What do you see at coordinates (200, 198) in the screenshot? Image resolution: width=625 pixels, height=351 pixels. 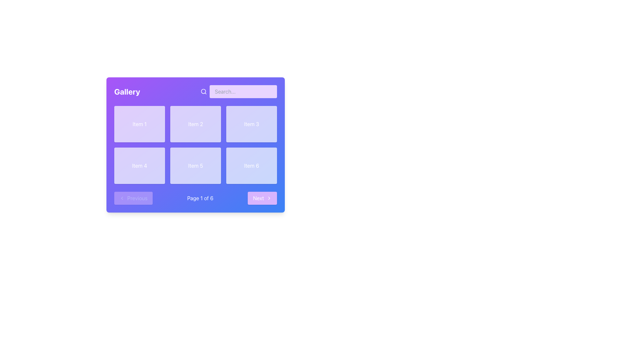 I see `the static text label that displays the current pagination status, located between the 'Previous' and 'Next' buttons at the bottom navigation bar` at bounding box center [200, 198].